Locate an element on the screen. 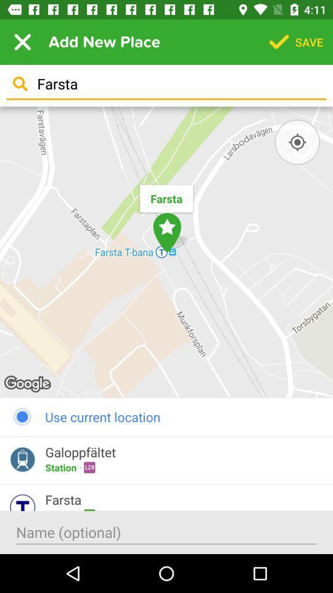 Image resolution: width=333 pixels, height=593 pixels. item to the left of add new place icon is located at coordinates (22, 42).